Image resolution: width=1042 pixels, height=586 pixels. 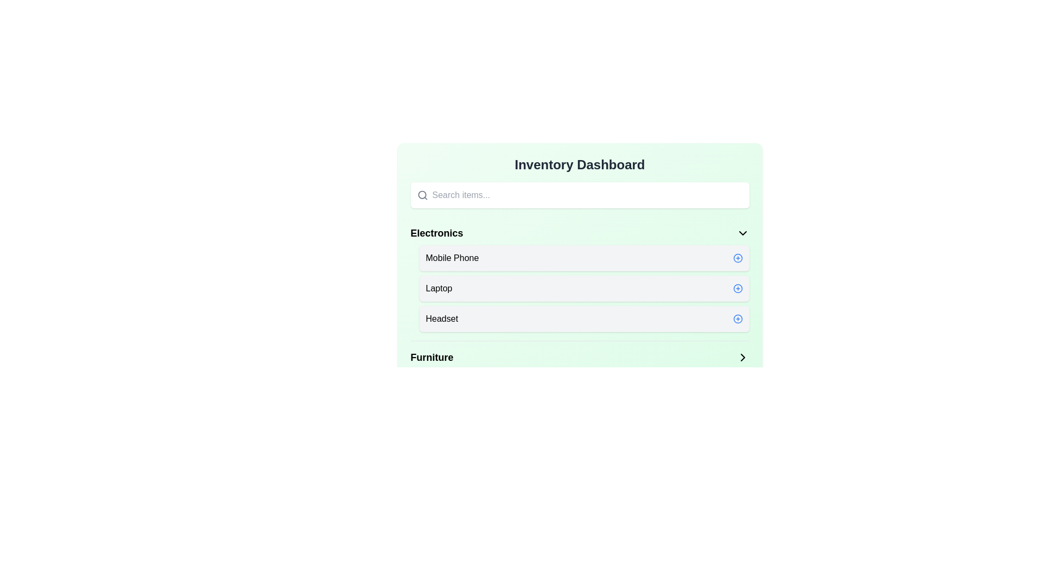 I want to click on the search icon to focus on the search input, so click(x=422, y=194).